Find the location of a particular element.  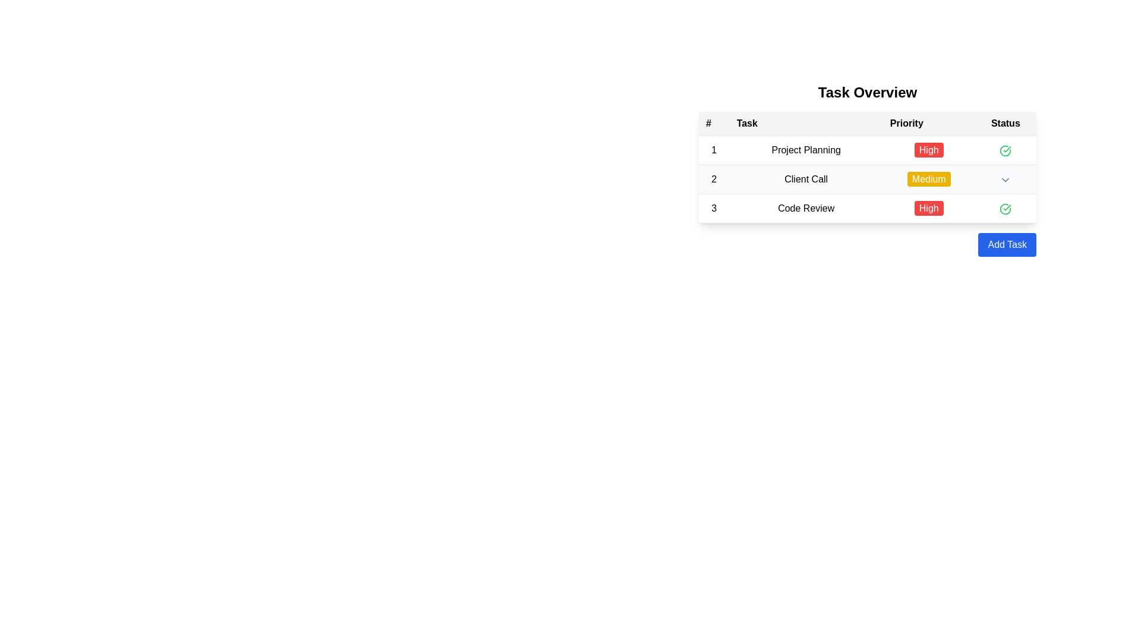

the rectangular button with rounded corners, red background, and white text reading 'High' in the 'Priority' column of the 'Code Review' row is located at coordinates (928, 208).